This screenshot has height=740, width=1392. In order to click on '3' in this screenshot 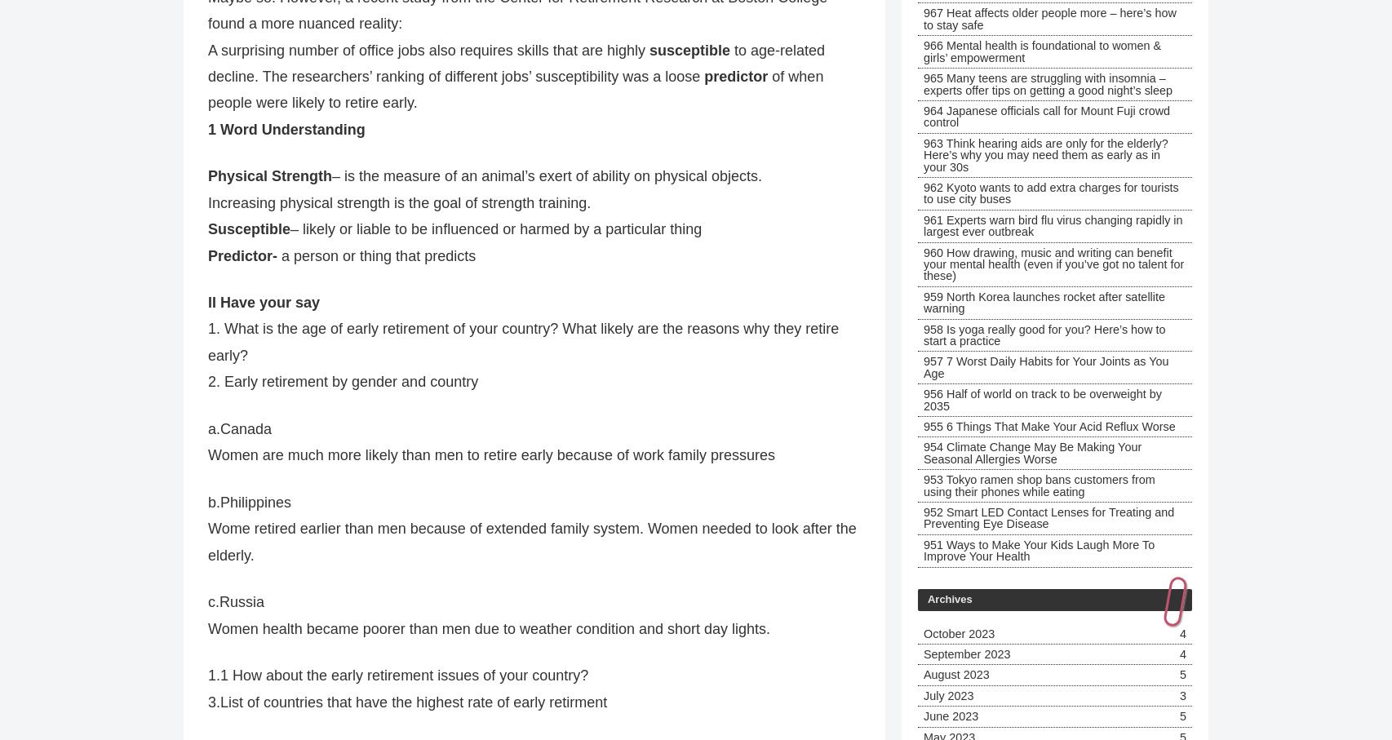, I will do `click(1181, 694)`.